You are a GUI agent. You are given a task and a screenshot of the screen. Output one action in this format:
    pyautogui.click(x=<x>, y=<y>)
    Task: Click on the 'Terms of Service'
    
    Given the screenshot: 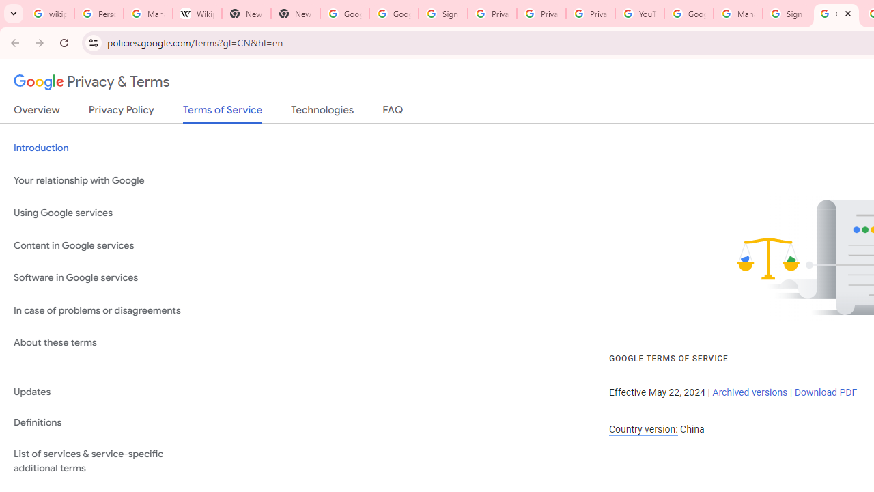 What is the action you would take?
    pyautogui.click(x=223, y=113)
    